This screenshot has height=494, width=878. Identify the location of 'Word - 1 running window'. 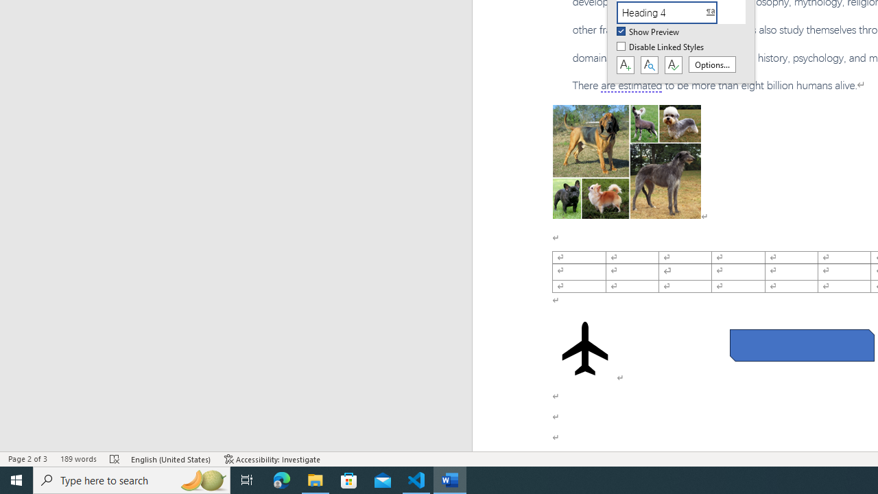
(450, 479).